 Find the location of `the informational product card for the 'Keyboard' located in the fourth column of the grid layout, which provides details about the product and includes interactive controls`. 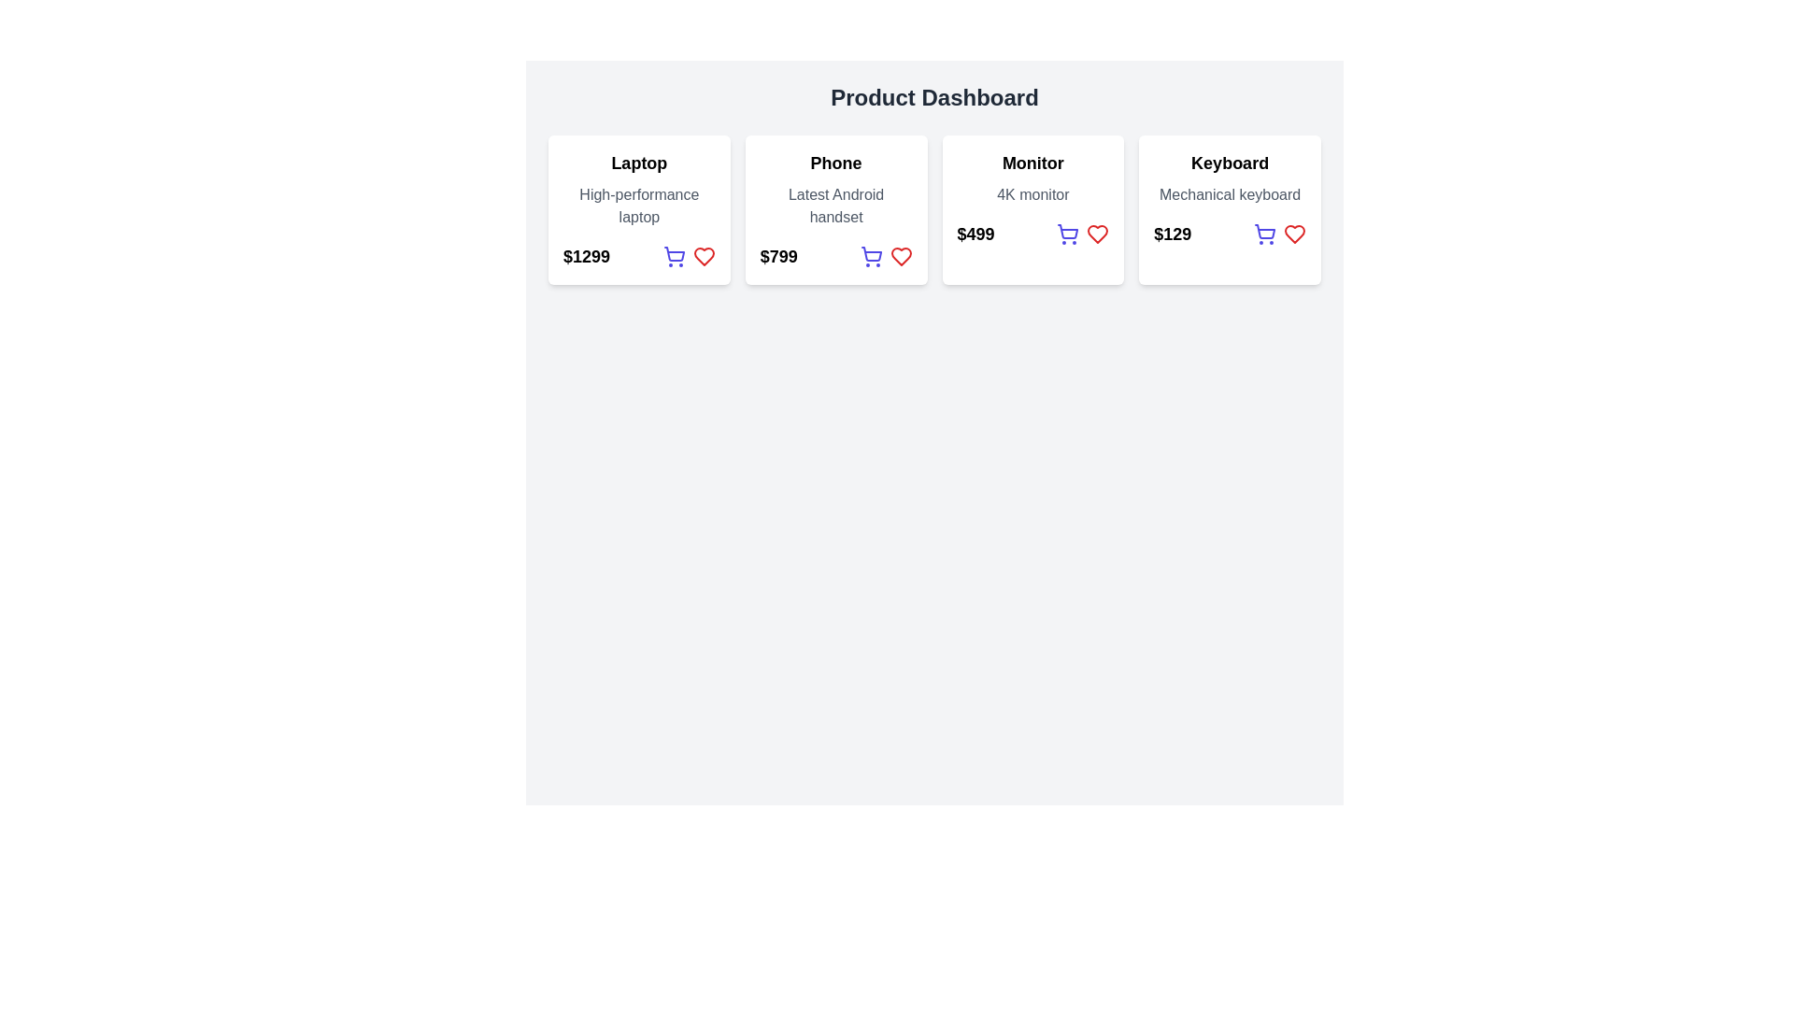

the informational product card for the 'Keyboard' located in the fourth column of the grid layout, which provides details about the product and includes interactive controls is located at coordinates (1230, 209).